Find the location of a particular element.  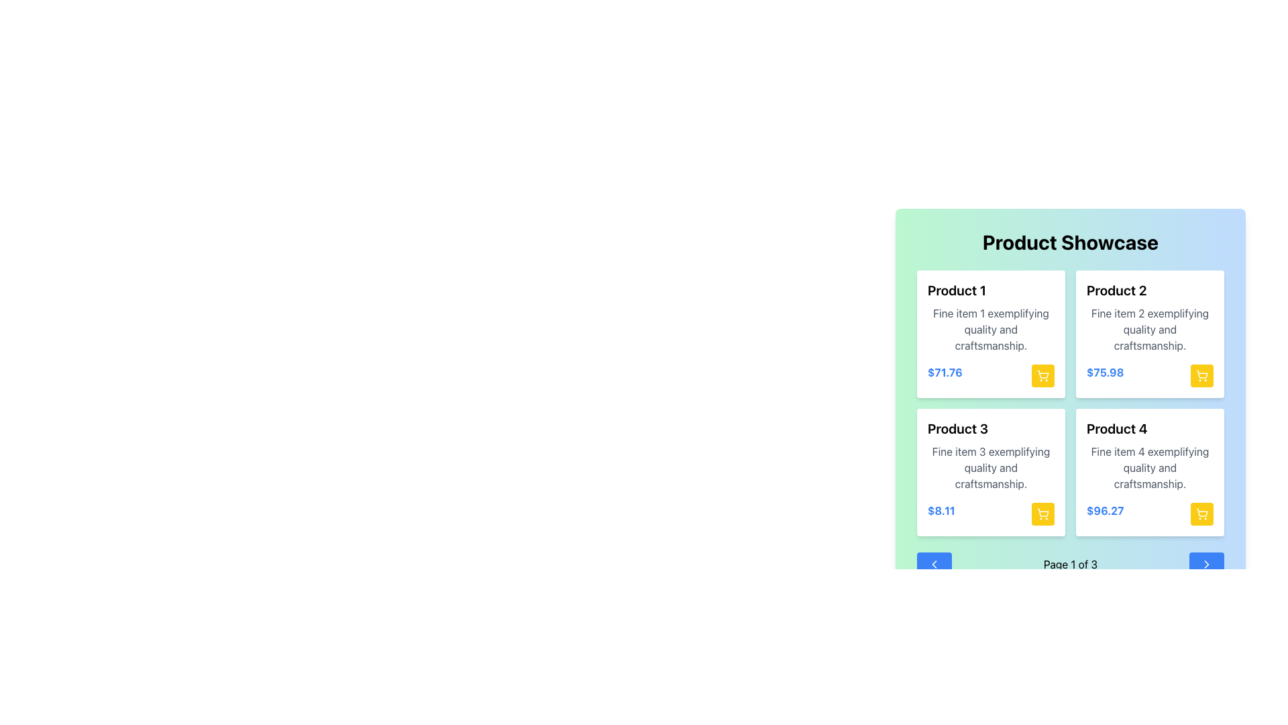

description and details of the Product card titled 'Product 1', which contains the price '$71.76' and a yellow shopping cart button in the lower-right corner is located at coordinates (991, 333).